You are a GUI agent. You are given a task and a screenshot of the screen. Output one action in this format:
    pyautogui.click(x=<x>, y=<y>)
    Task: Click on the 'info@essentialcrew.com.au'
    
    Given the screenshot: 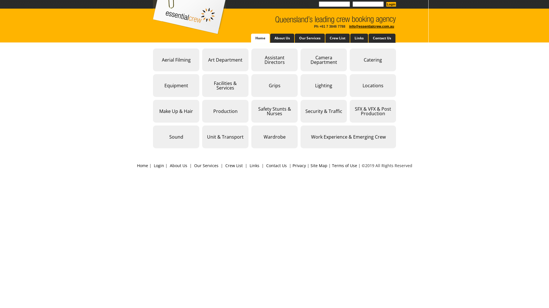 What is the action you would take?
    pyautogui.click(x=371, y=26)
    